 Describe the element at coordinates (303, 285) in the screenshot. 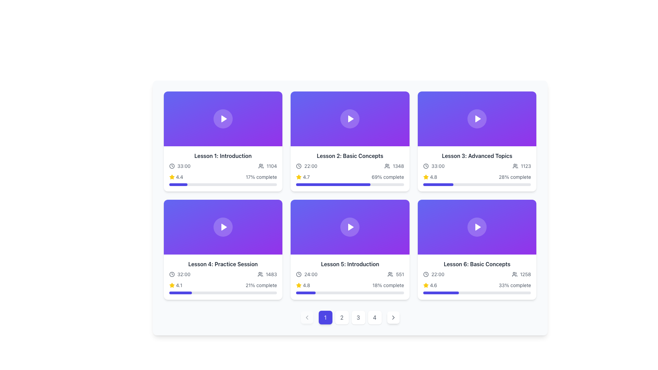

I see `the Rating Indicator located in the fifth card titled 'Lesson 5: Introduction' in the second row of the grid layout, positioned below the duration and participant count information and above the progress bar` at that location.